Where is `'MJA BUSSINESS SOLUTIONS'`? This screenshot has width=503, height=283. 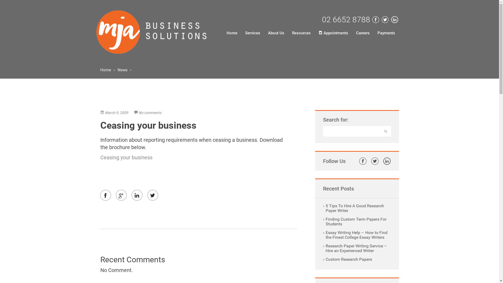 'MJA BUSSINESS SOLUTIONS' is located at coordinates (151, 32).